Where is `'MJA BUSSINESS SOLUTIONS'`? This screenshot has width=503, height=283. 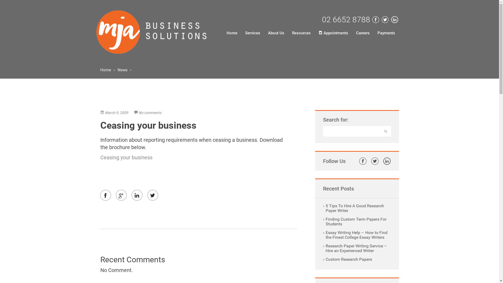 'MJA BUSSINESS SOLUTIONS' is located at coordinates (151, 32).